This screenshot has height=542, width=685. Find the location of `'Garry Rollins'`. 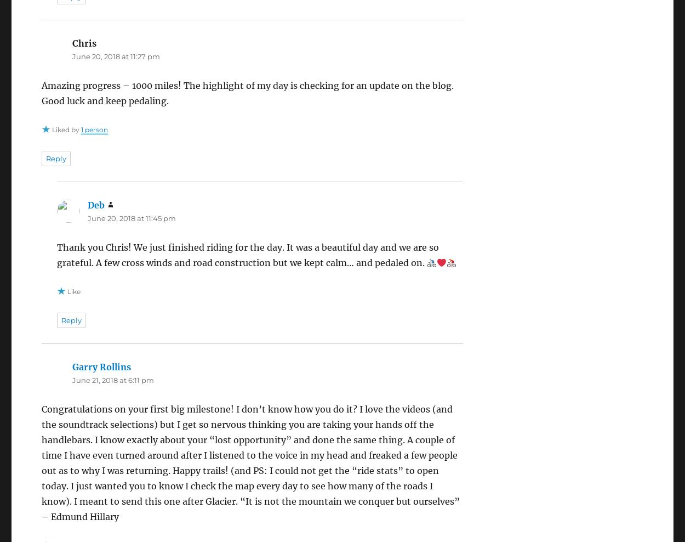

'Garry Rollins' is located at coordinates (101, 365).